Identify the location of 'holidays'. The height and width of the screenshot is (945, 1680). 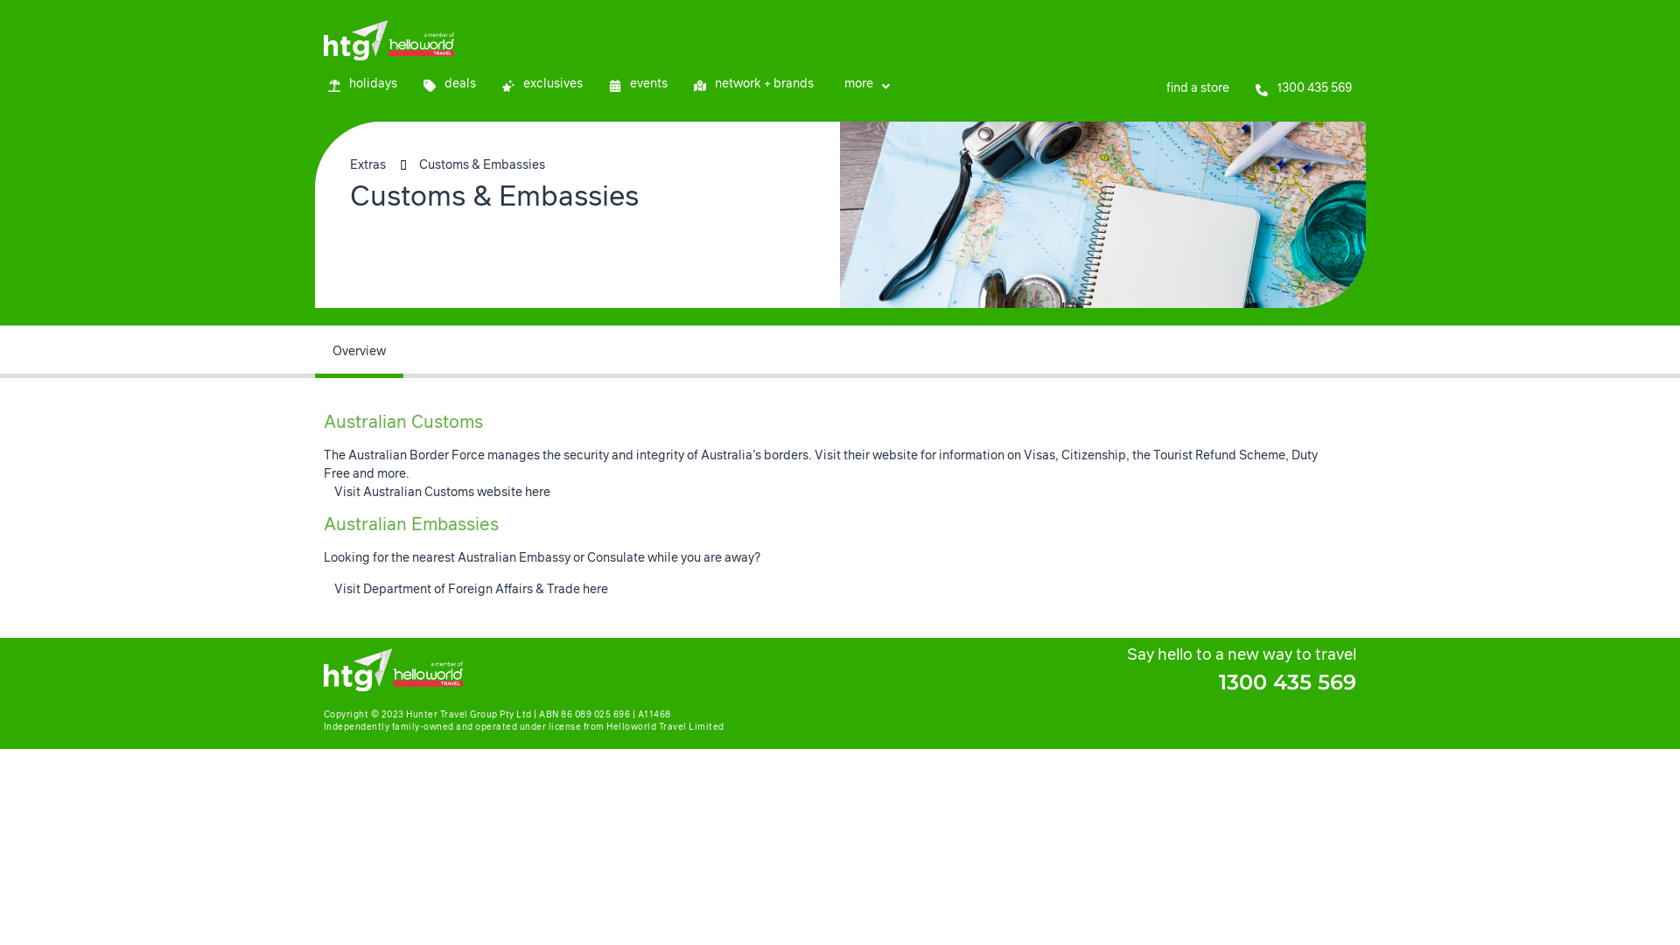
(315, 85).